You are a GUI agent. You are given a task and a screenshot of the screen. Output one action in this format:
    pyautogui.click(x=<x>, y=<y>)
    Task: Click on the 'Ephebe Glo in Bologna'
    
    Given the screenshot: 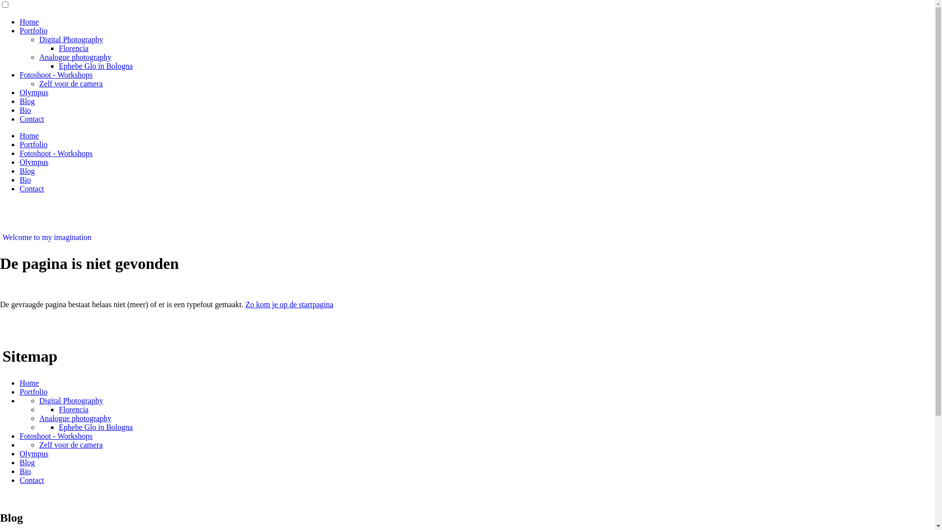 What is the action you would take?
    pyautogui.click(x=96, y=66)
    